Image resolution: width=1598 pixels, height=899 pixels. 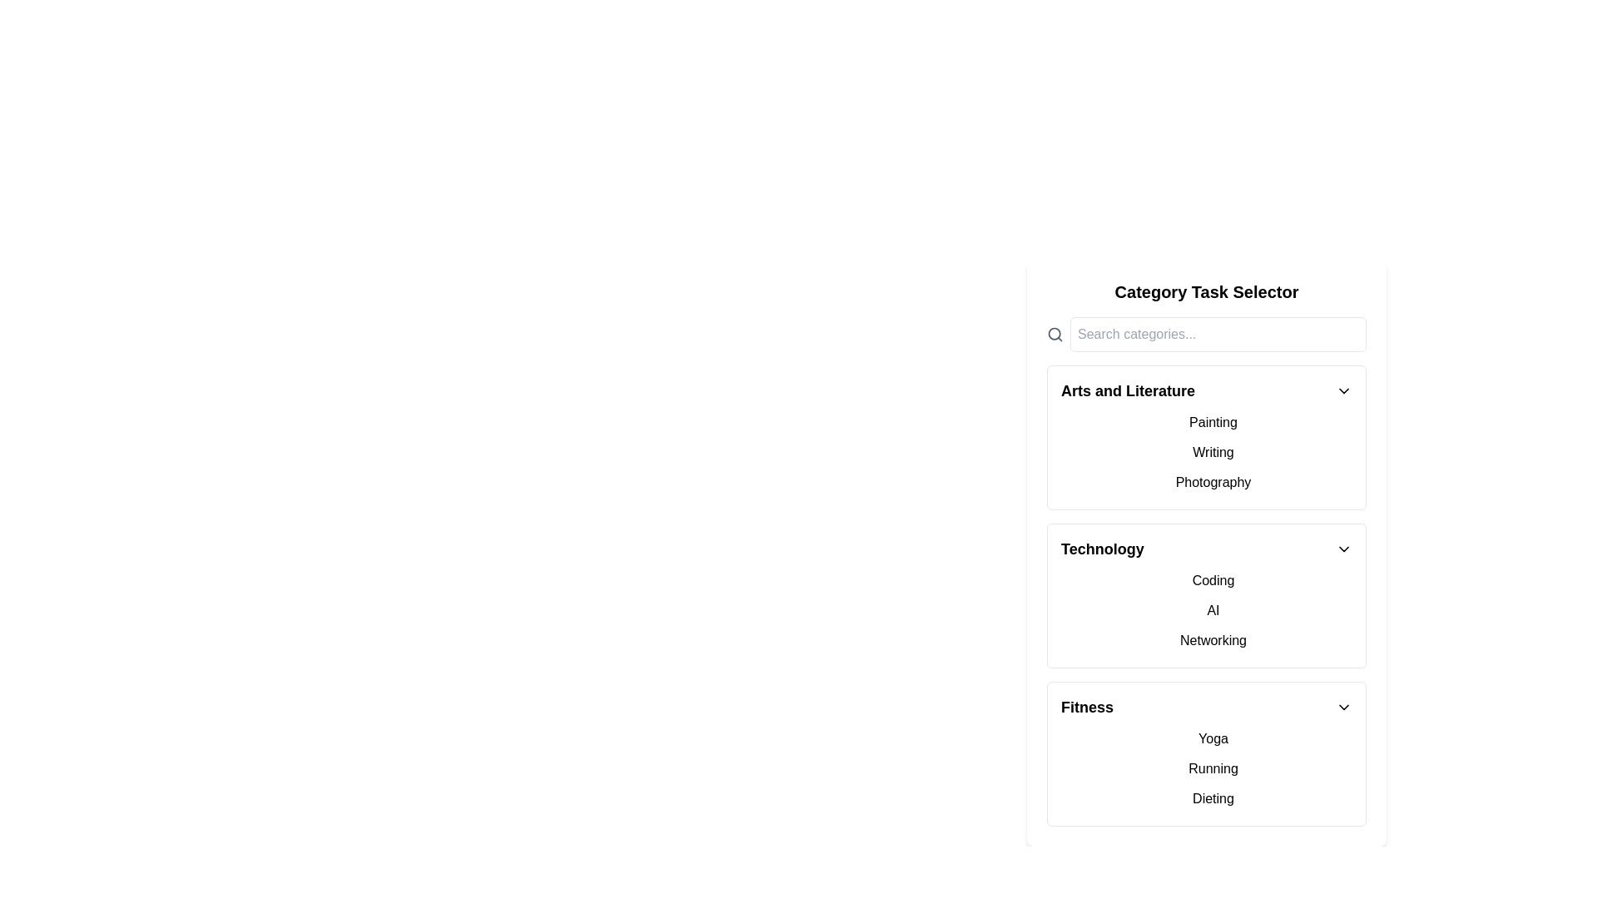 I want to click on the text item 'AI' located within the expanded 'Technology' category list, positioned between 'Coding' and 'Networking', so click(x=1206, y=610).